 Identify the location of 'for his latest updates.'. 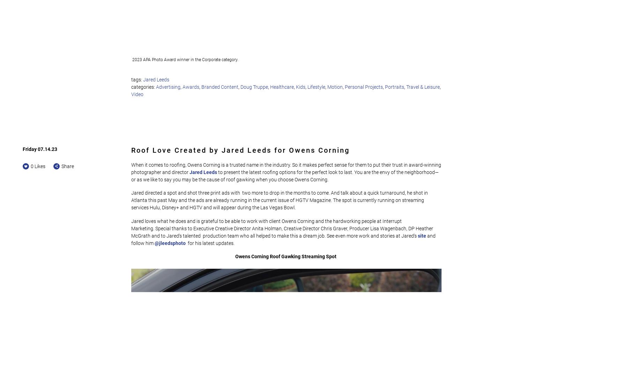
(210, 243).